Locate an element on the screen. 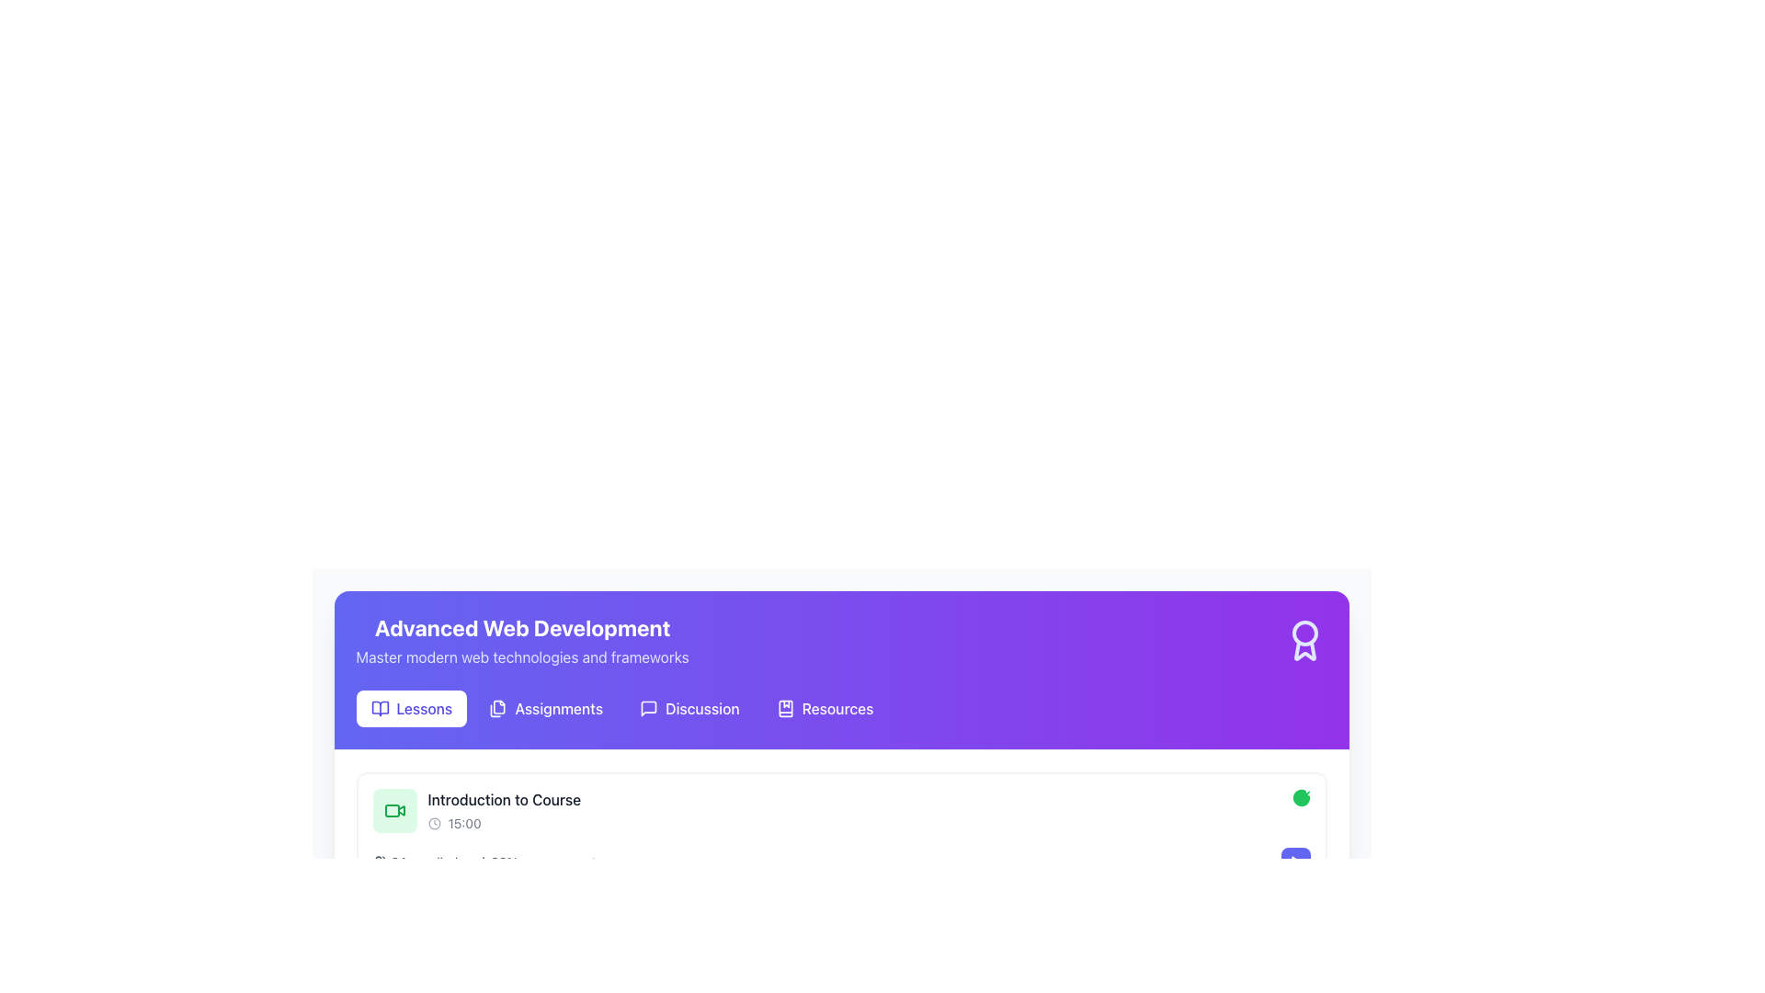 This screenshot has height=993, width=1765. the text label displaying 'Master modern web technologies and frameworks' which is styled in light indigo color and located on a purple background, positioned below the title 'Advanced Web Development' is located at coordinates (521, 656).